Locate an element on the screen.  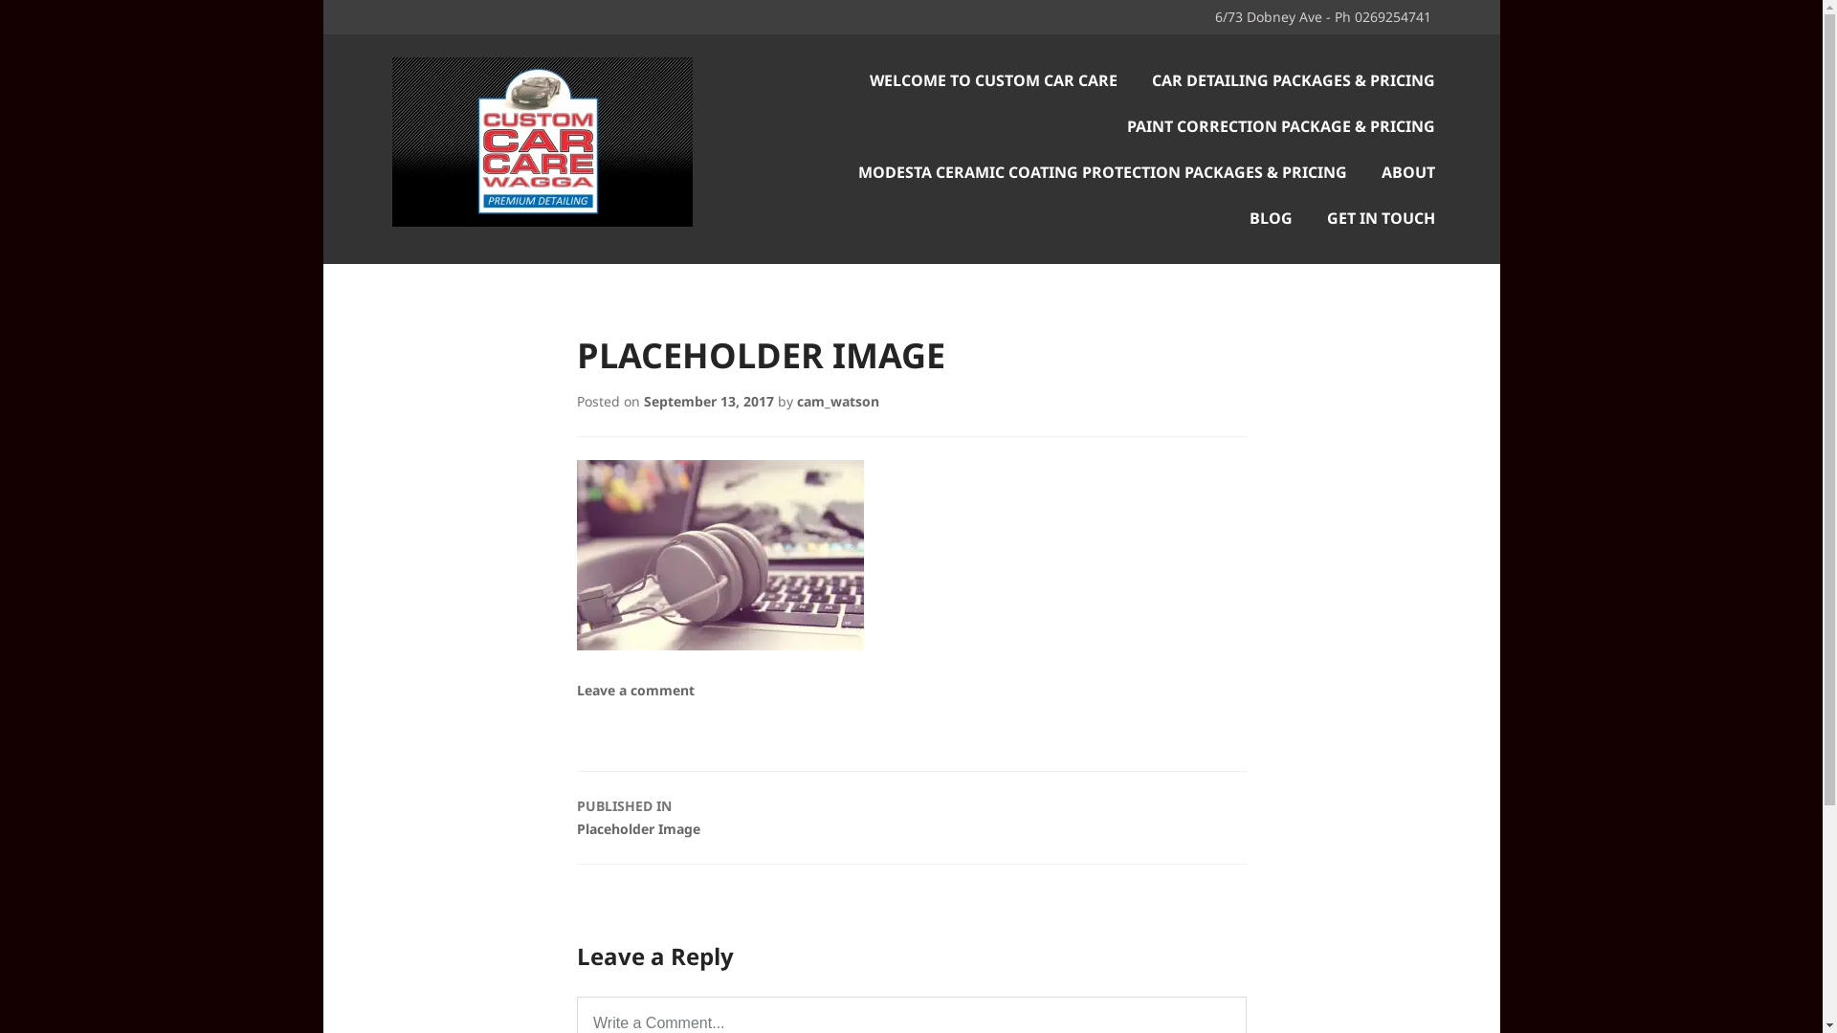
'Leave a comment' is located at coordinates (634, 690).